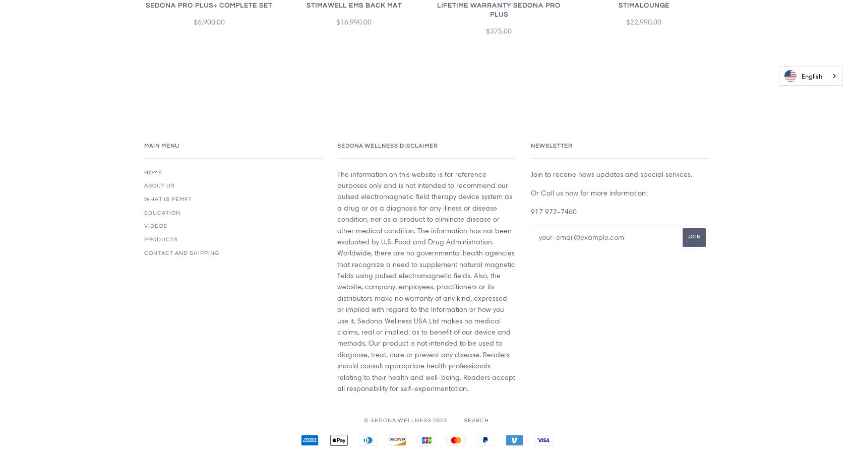 Image resolution: width=853 pixels, height=461 pixels. I want to click on 'SEDONA Wellness Disclaimer', so click(387, 145).